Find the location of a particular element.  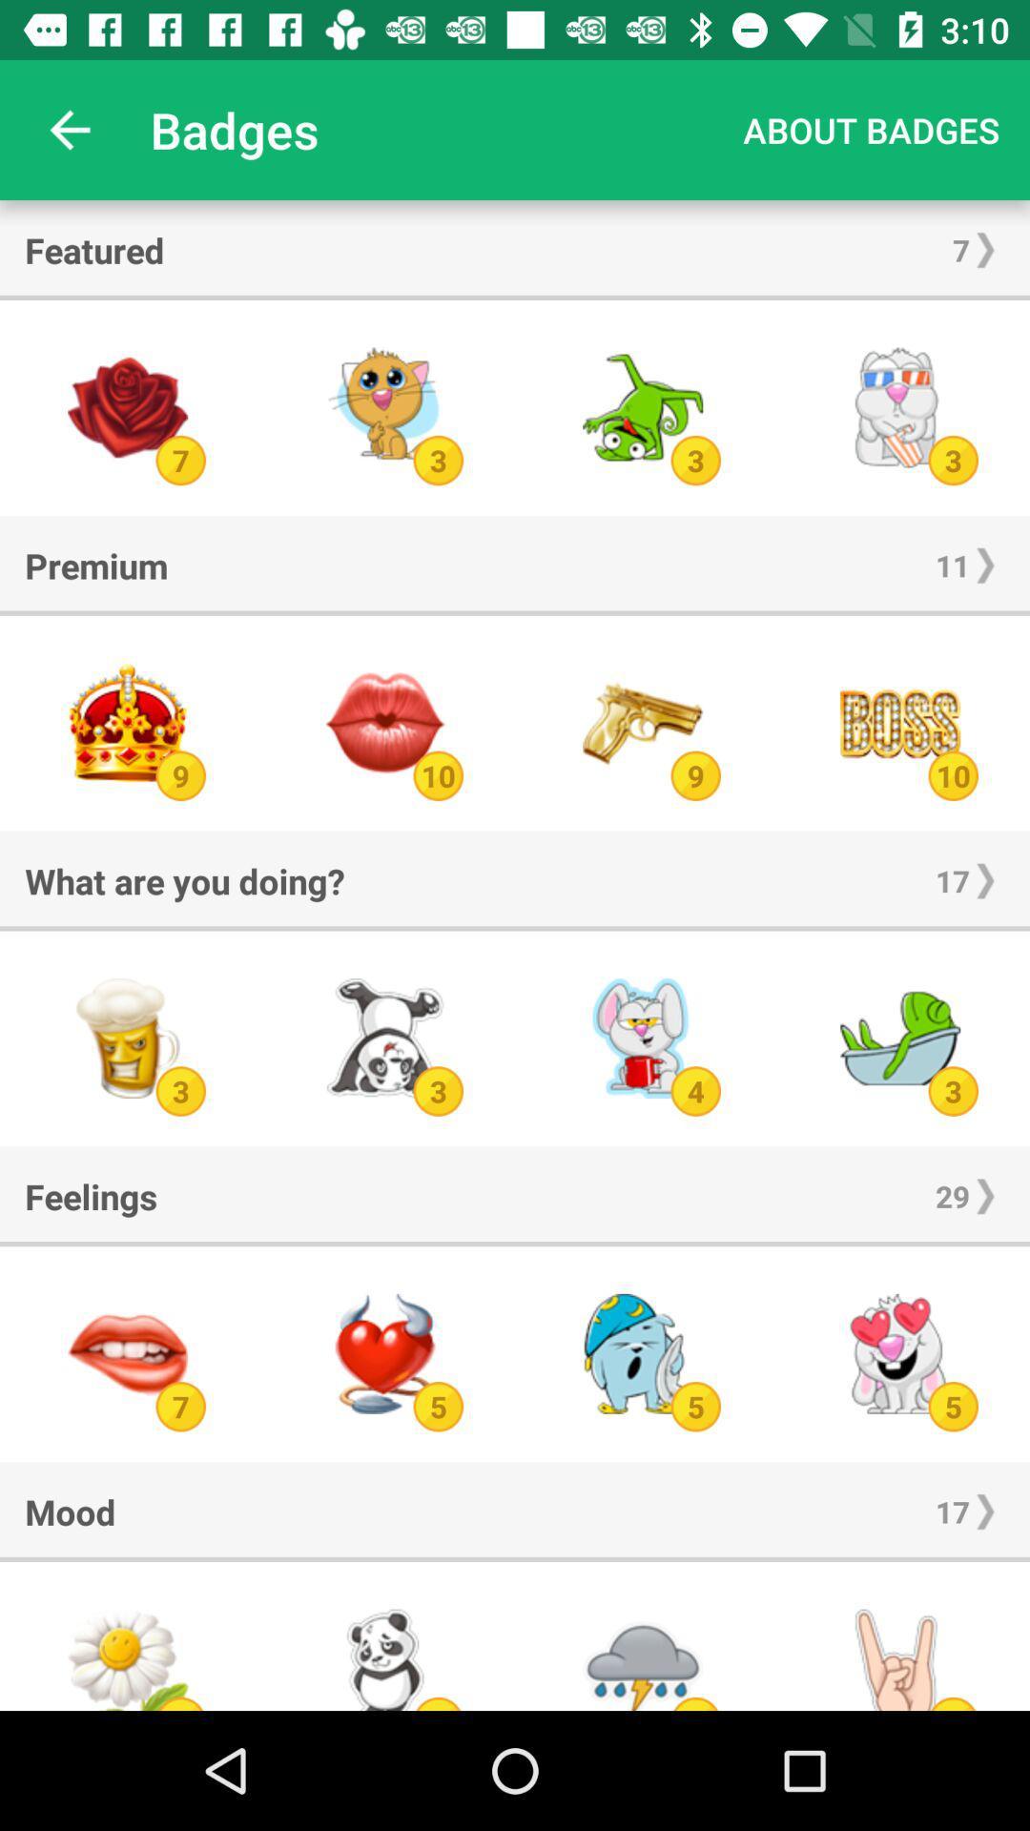

about badges is located at coordinates (871, 129).